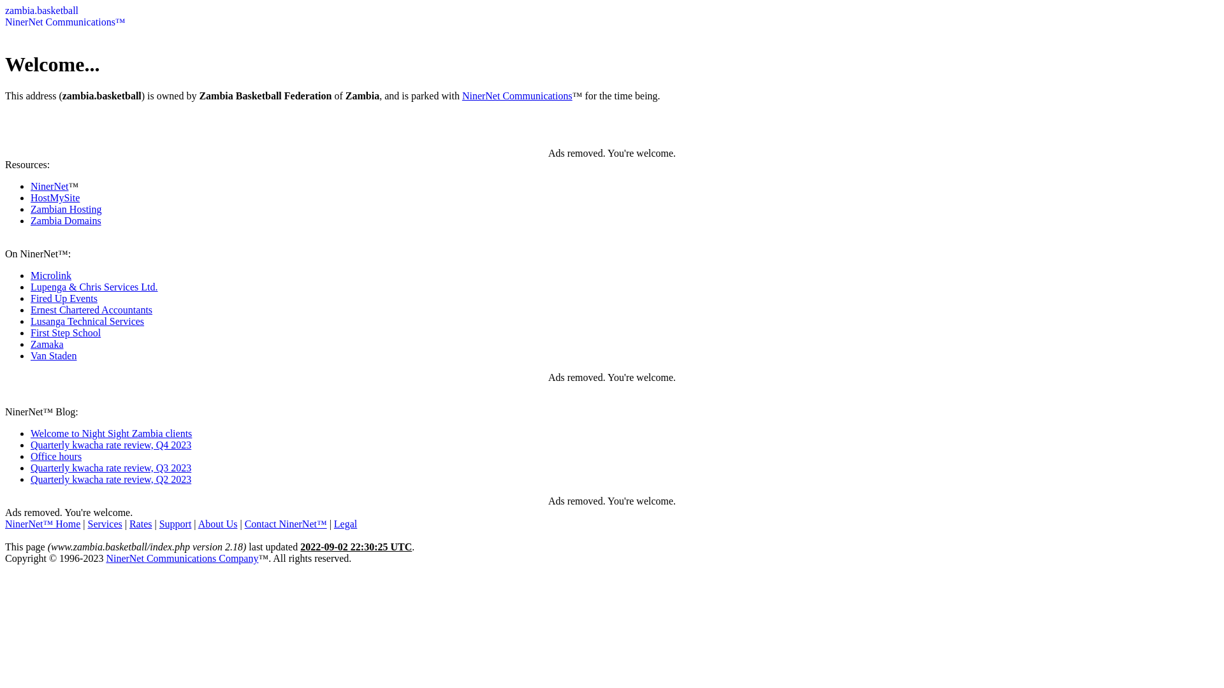 The width and height of the screenshot is (1224, 688). What do you see at coordinates (55, 455) in the screenshot?
I see `'Office hours'` at bounding box center [55, 455].